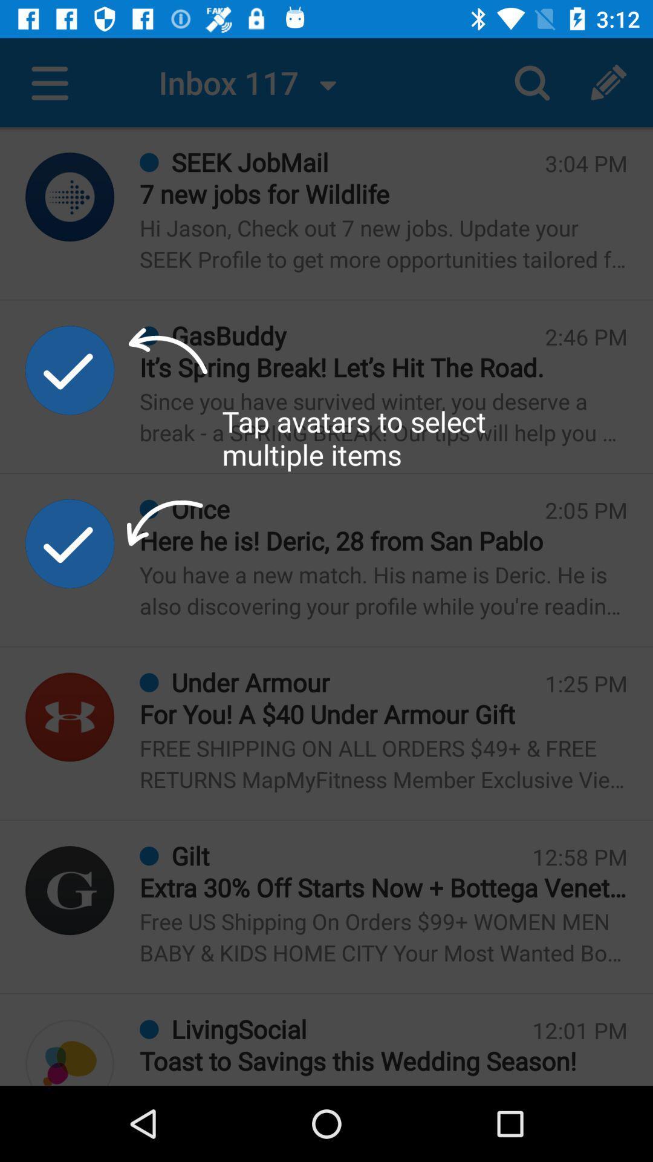  I want to click on advertisement, so click(70, 890).